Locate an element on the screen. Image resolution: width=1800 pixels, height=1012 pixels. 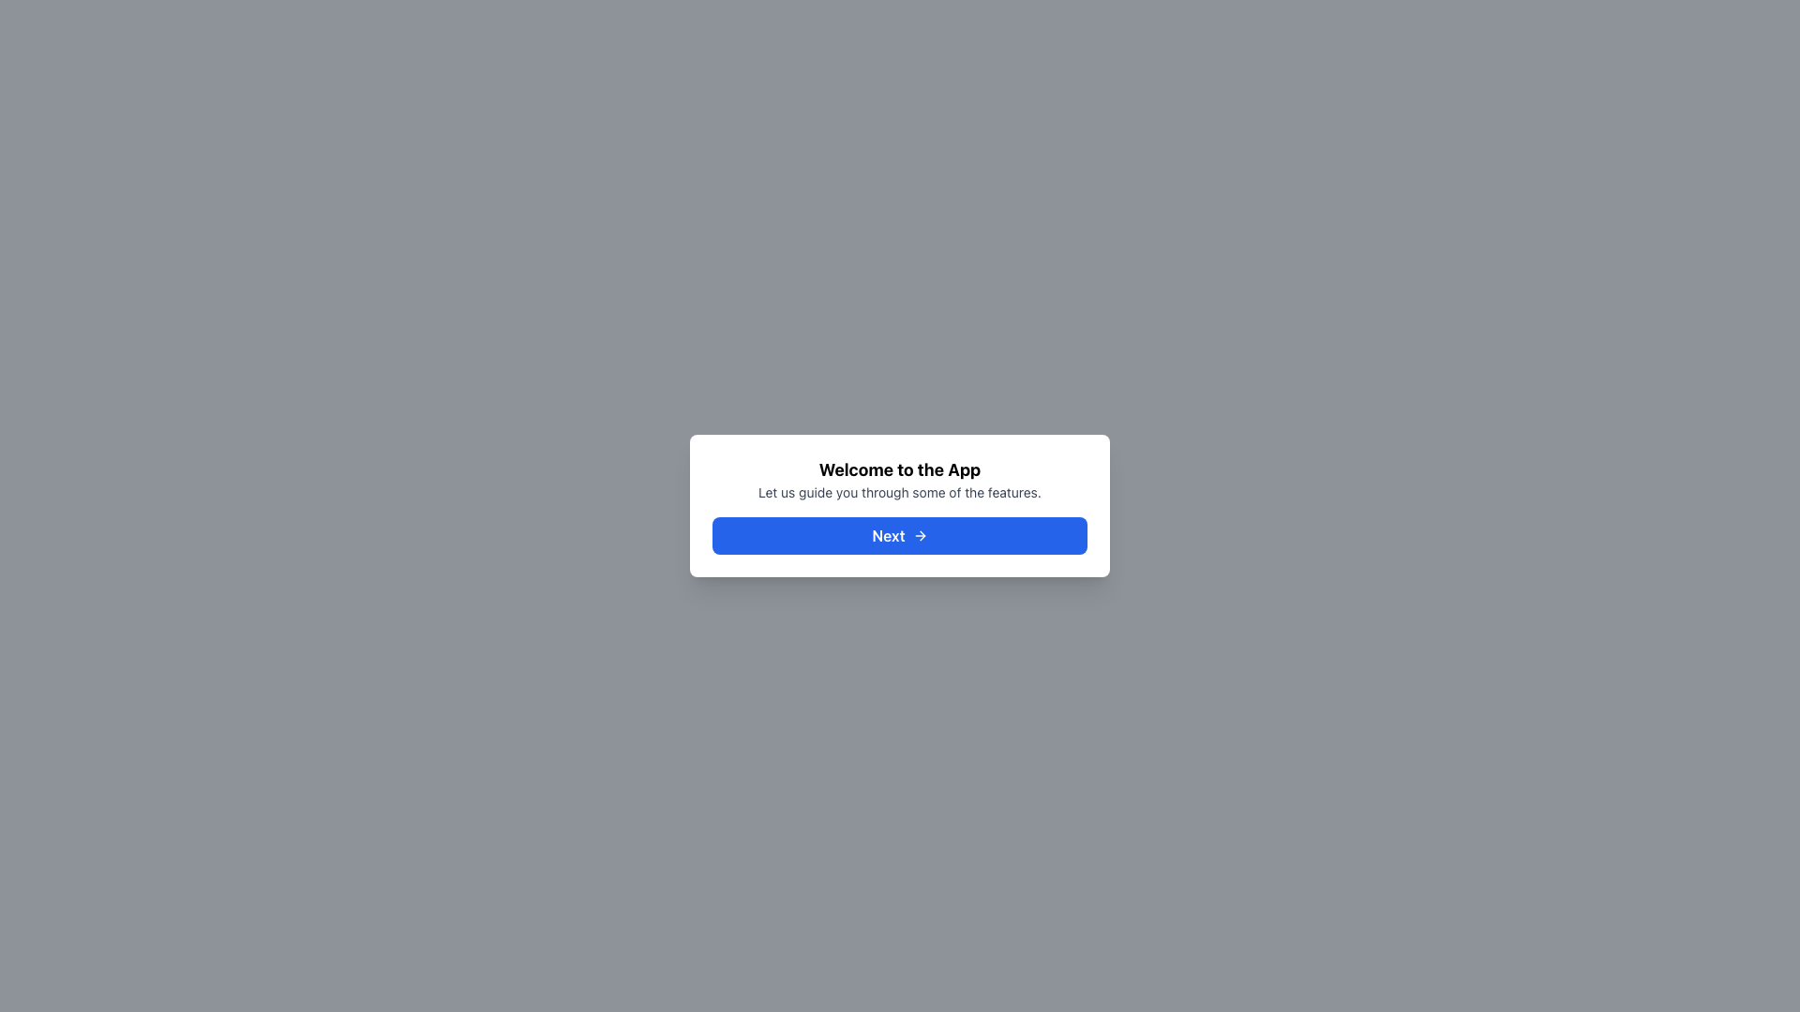
the arrow icon located at the far-right of the 'Next' button within the modal dialog, which serves as a visual indicator for forward navigation is located at coordinates (920, 535).